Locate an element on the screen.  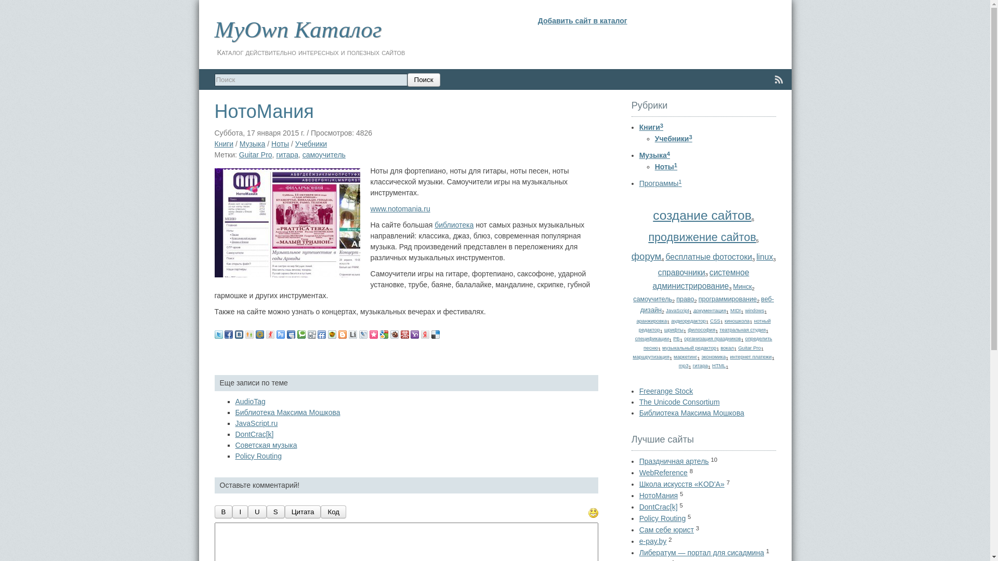
'CSS' is located at coordinates (715, 320).